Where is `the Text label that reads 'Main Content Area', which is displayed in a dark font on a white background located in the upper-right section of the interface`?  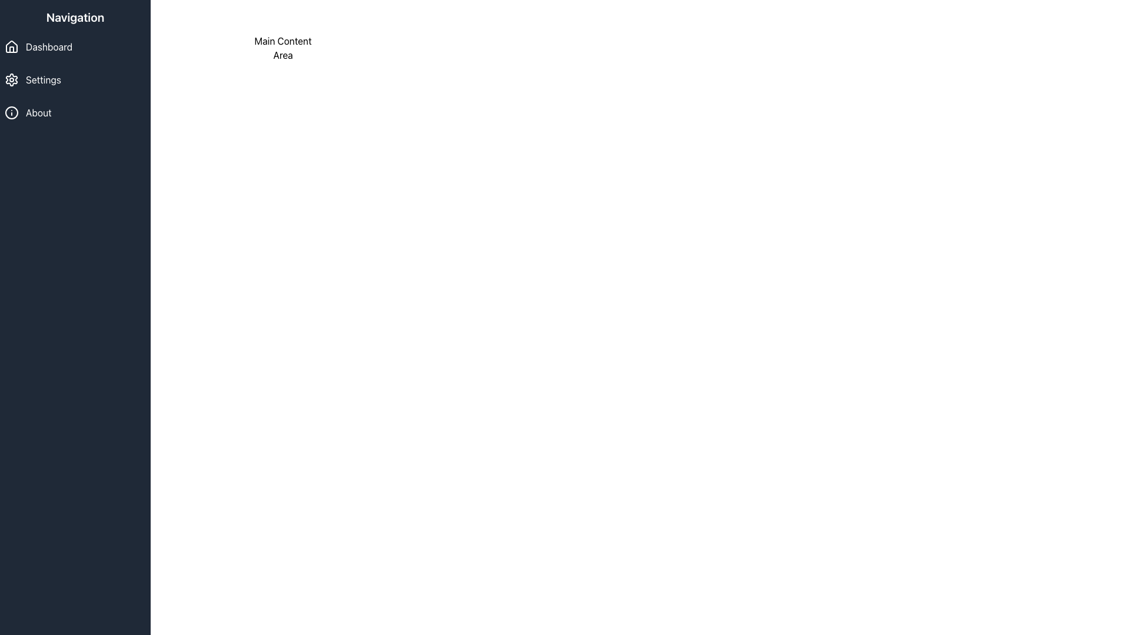
the Text label that reads 'Main Content Area', which is displayed in a dark font on a white background located in the upper-right section of the interface is located at coordinates (282, 47).